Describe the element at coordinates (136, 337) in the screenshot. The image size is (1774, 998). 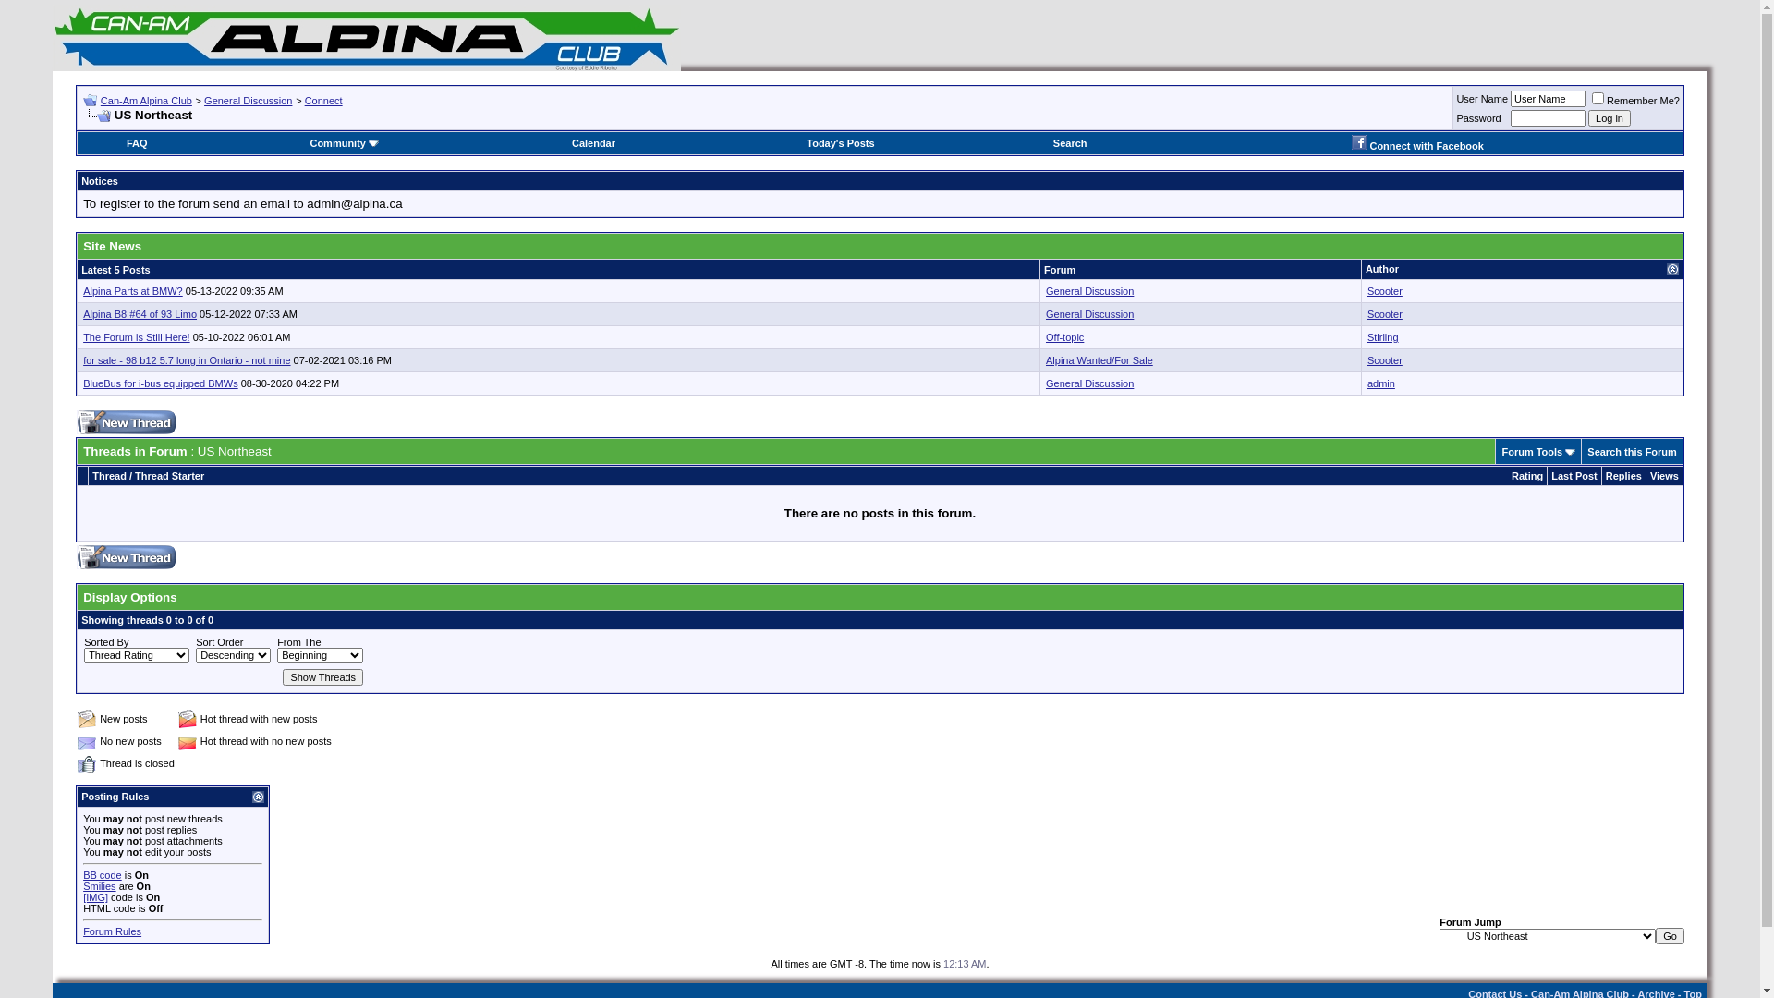
I see `'The Forum is Still Here!'` at that location.